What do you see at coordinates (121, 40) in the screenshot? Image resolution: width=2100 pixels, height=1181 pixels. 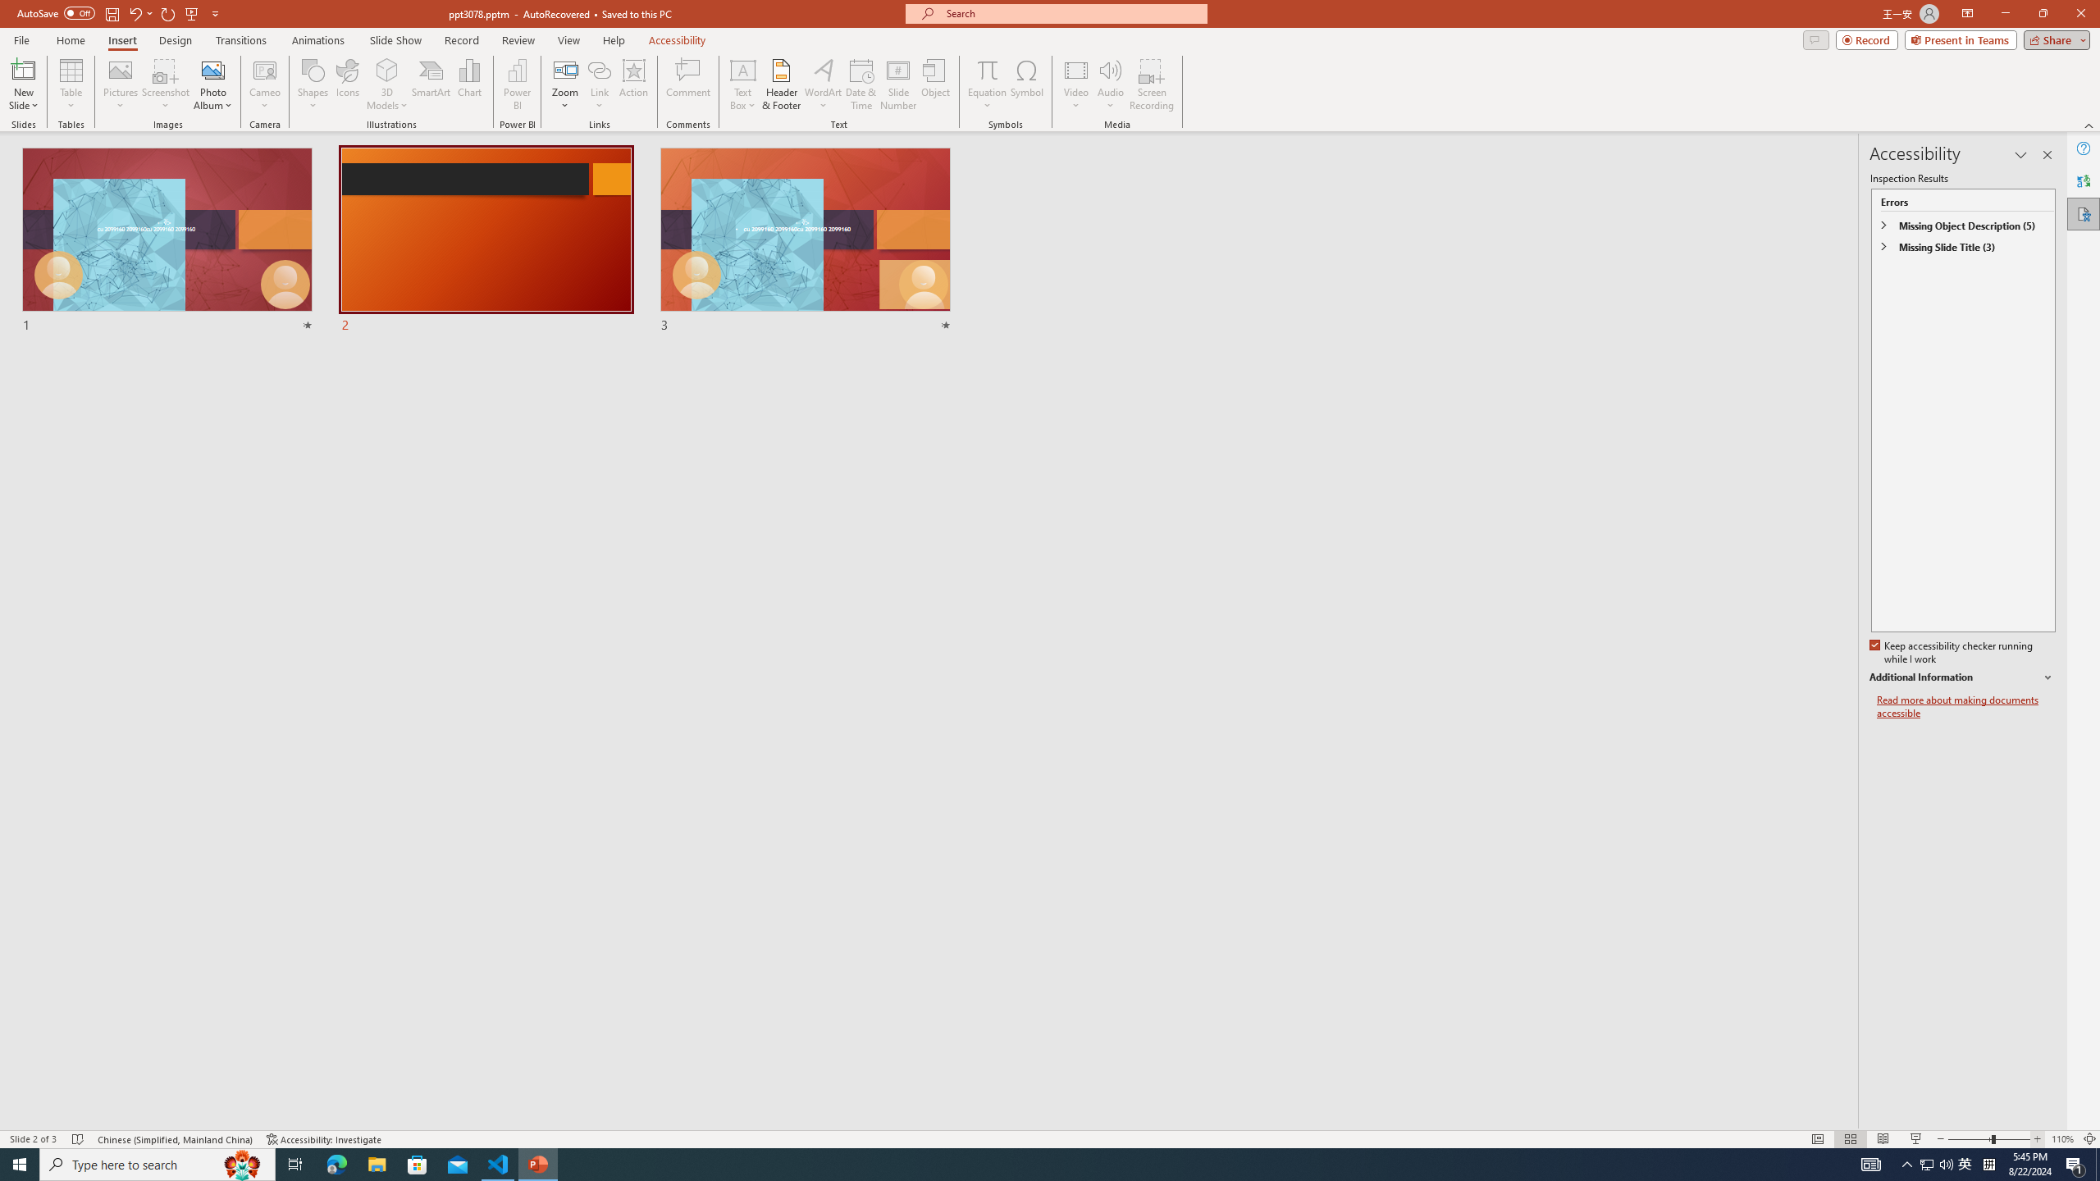 I see `'Insert'` at bounding box center [121, 40].